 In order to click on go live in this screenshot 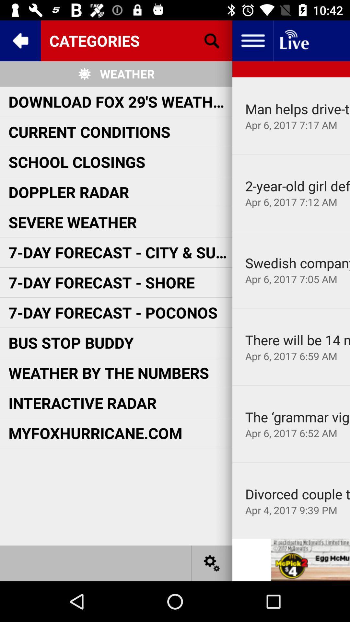, I will do `click(294, 40)`.